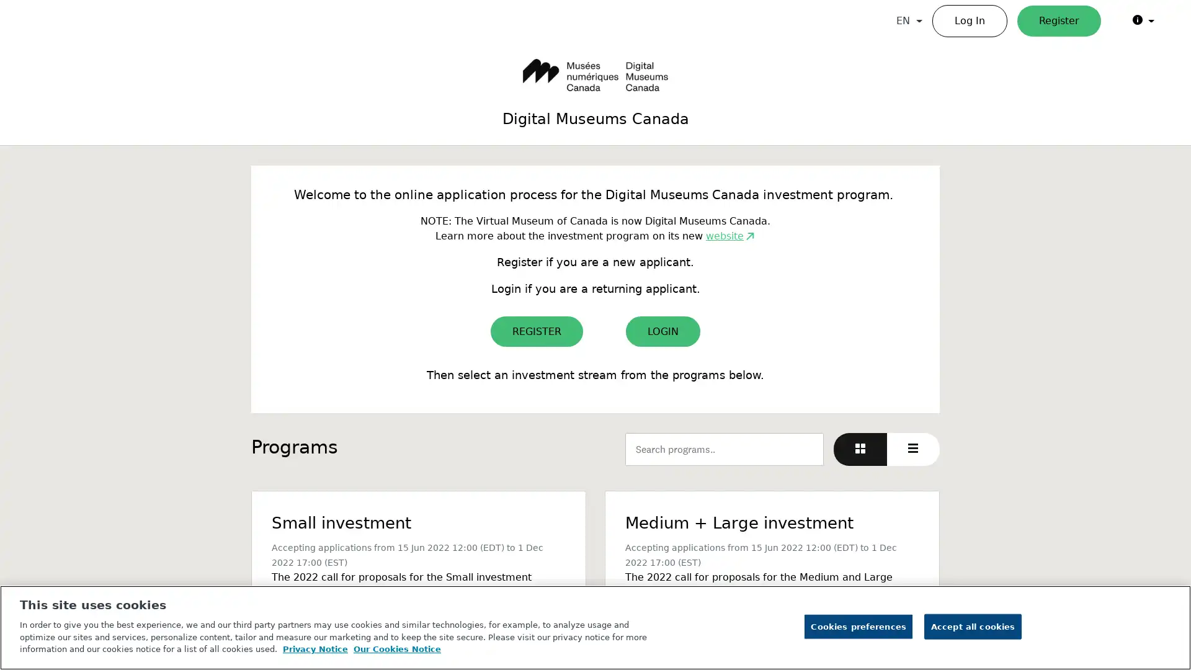 Image resolution: width=1191 pixels, height=670 pixels. What do you see at coordinates (972, 627) in the screenshot?
I see `Accept all cookies` at bounding box center [972, 627].